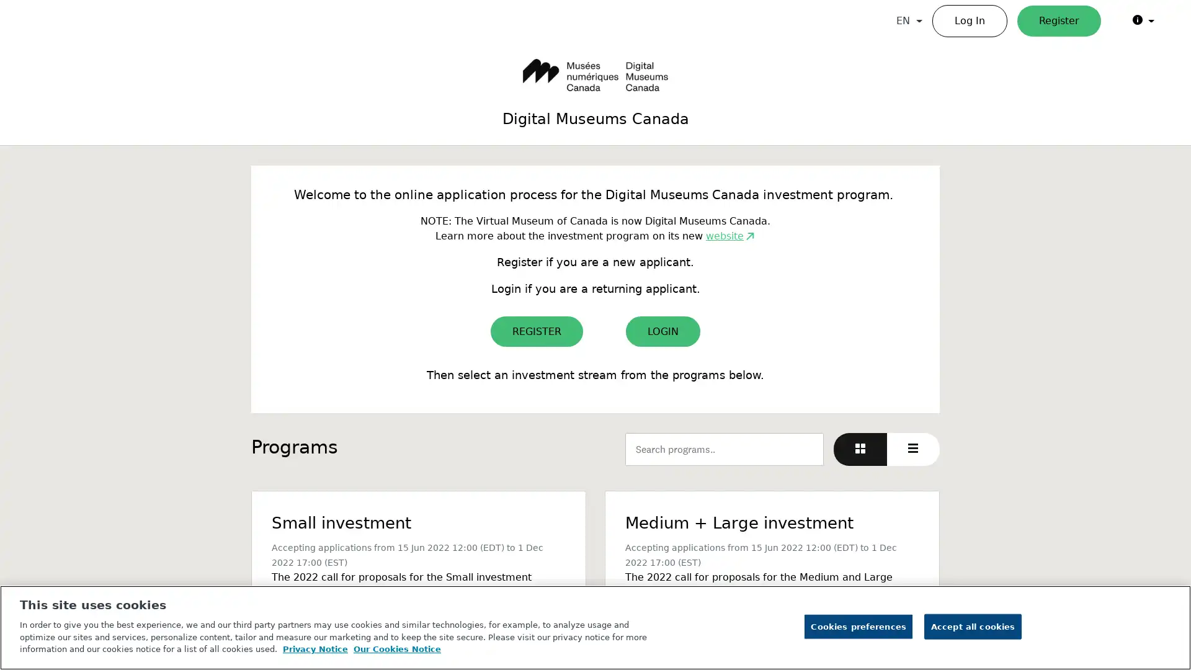 Image resolution: width=1191 pixels, height=670 pixels. What do you see at coordinates (972, 627) in the screenshot?
I see `Accept all cookies` at bounding box center [972, 627].